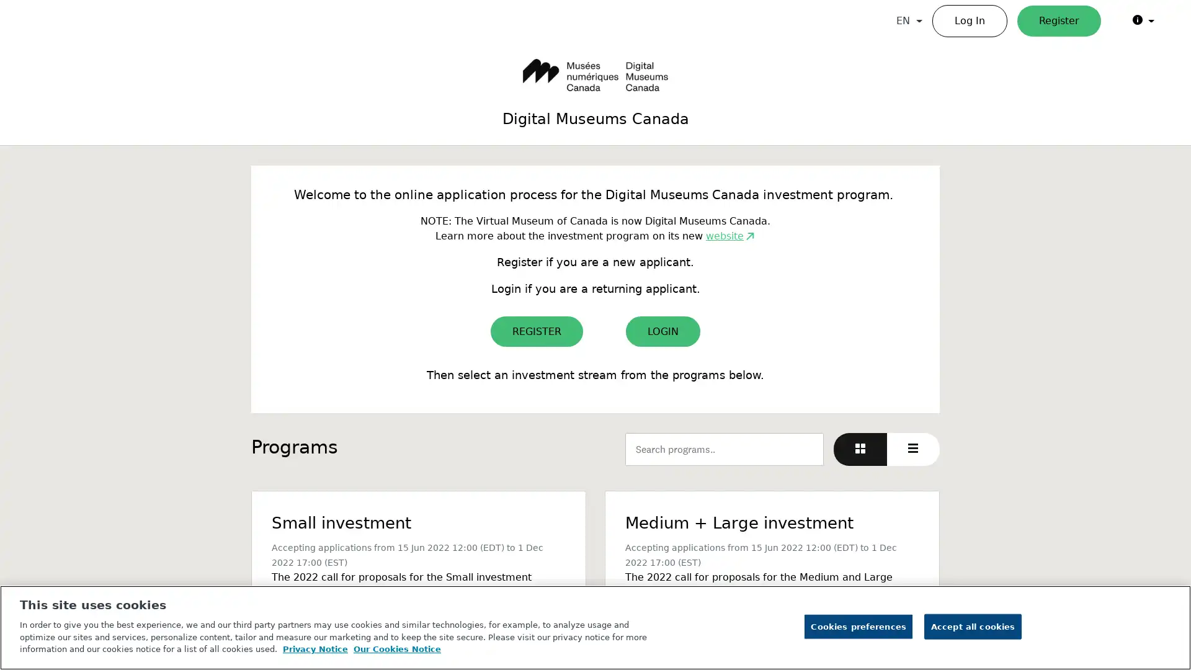 Image resolution: width=1191 pixels, height=670 pixels. What do you see at coordinates (972, 627) in the screenshot?
I see `Accept all cookies` at bounding box center [972, 627].